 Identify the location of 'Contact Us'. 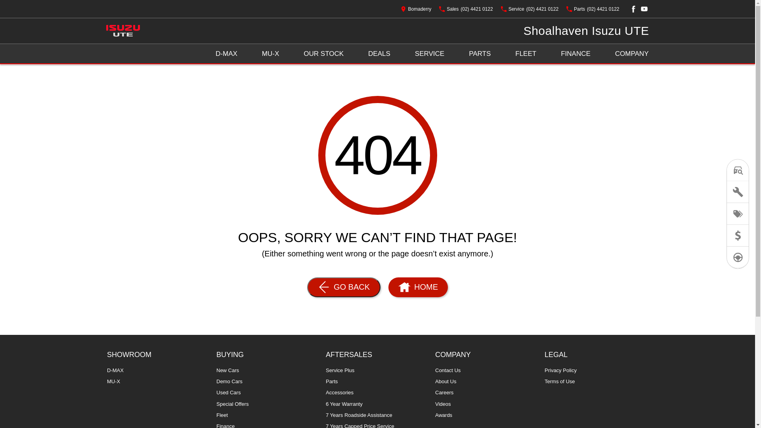
(435, 373).